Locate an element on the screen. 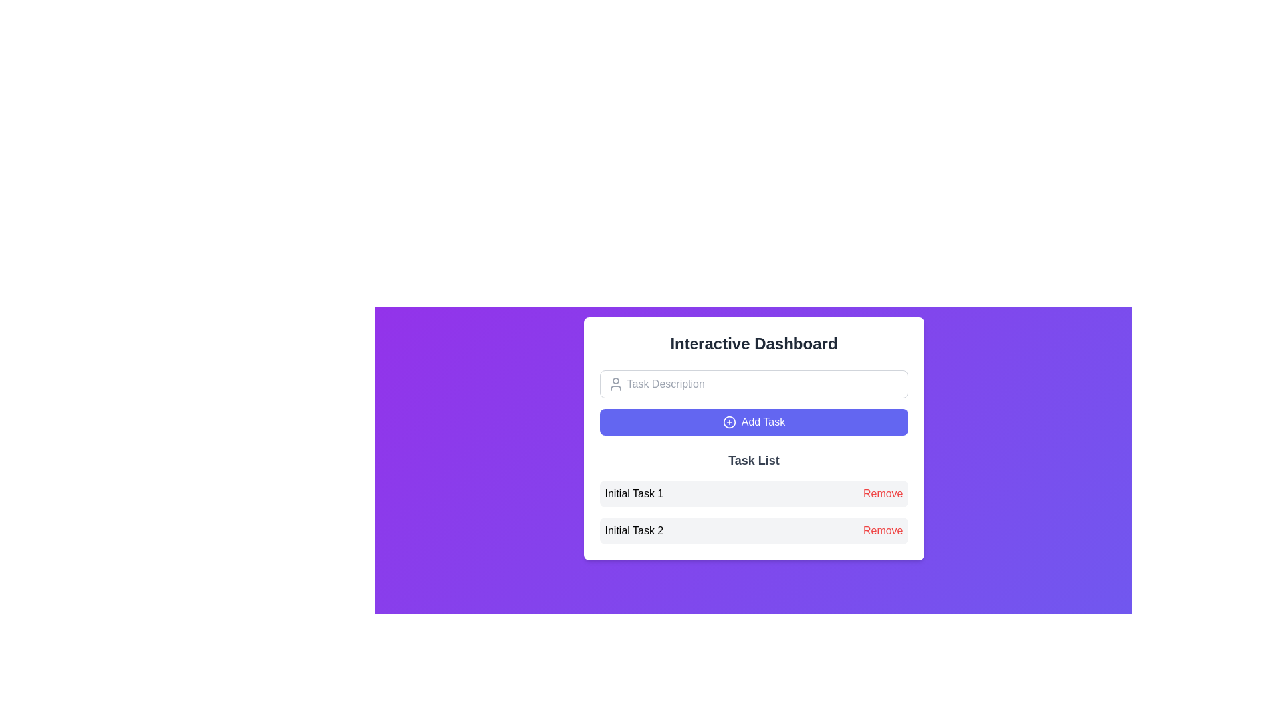  the descriptive label for a task item in the task list is located at coordinates (633, 530).